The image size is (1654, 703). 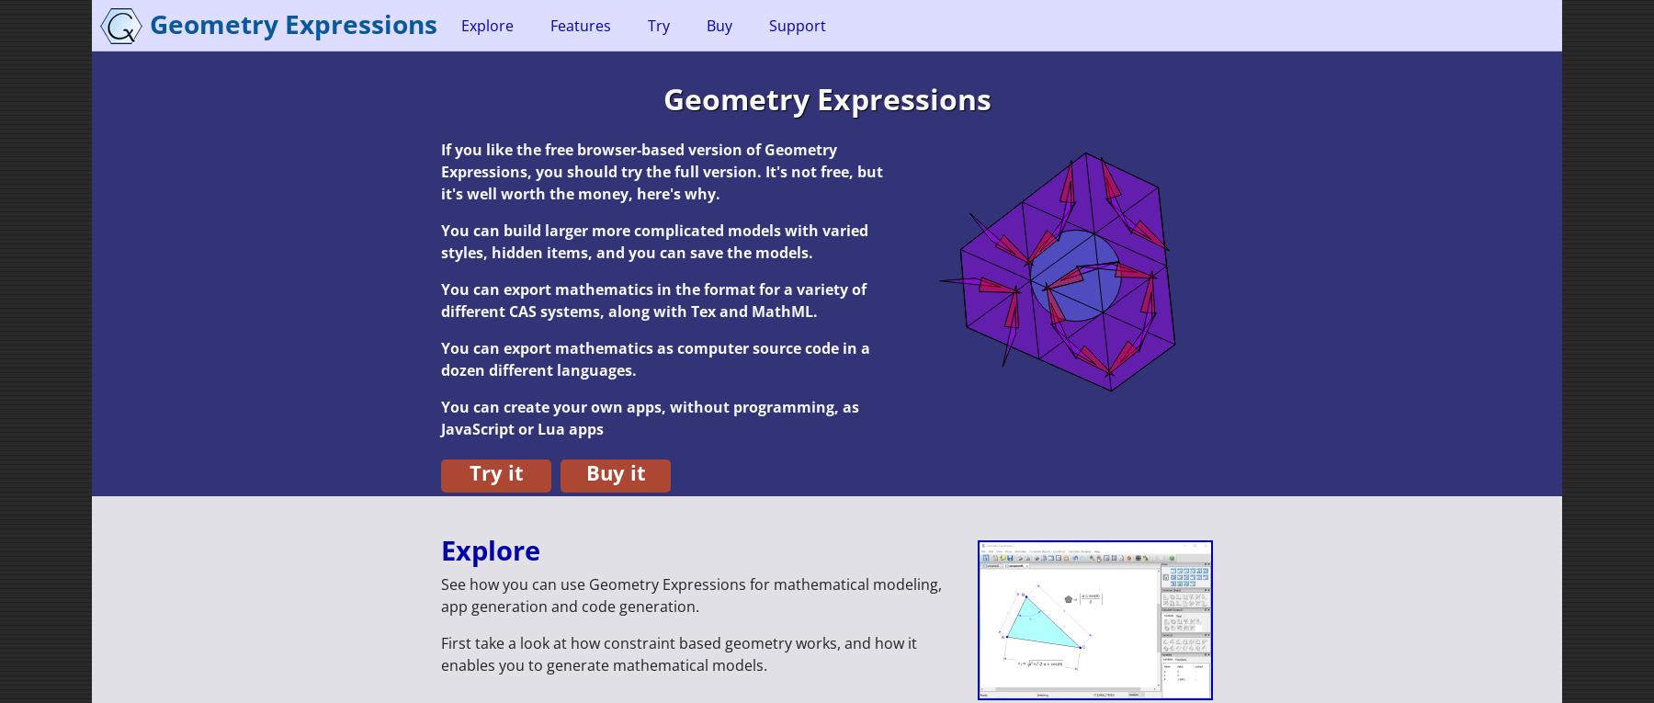 What do you see at coordinates (678, 652) in the screenshot?
I see `'First take a look at how constraint based geometry works, and how it enables you to generate mathematical models.'` at bounding box center [678, 652].